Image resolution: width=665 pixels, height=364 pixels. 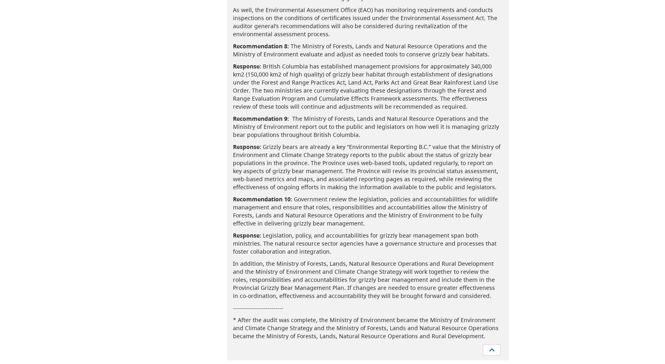 What do you see at coordinates (361, 49) in the screenshot?
I see `'The Ministry of Forests, Lands and Natural Resource Operations and the Ministry of Environment evaluate and adjust as needed tools to conserve grizzly bear habitats.'` at bounding box center [361, 49].